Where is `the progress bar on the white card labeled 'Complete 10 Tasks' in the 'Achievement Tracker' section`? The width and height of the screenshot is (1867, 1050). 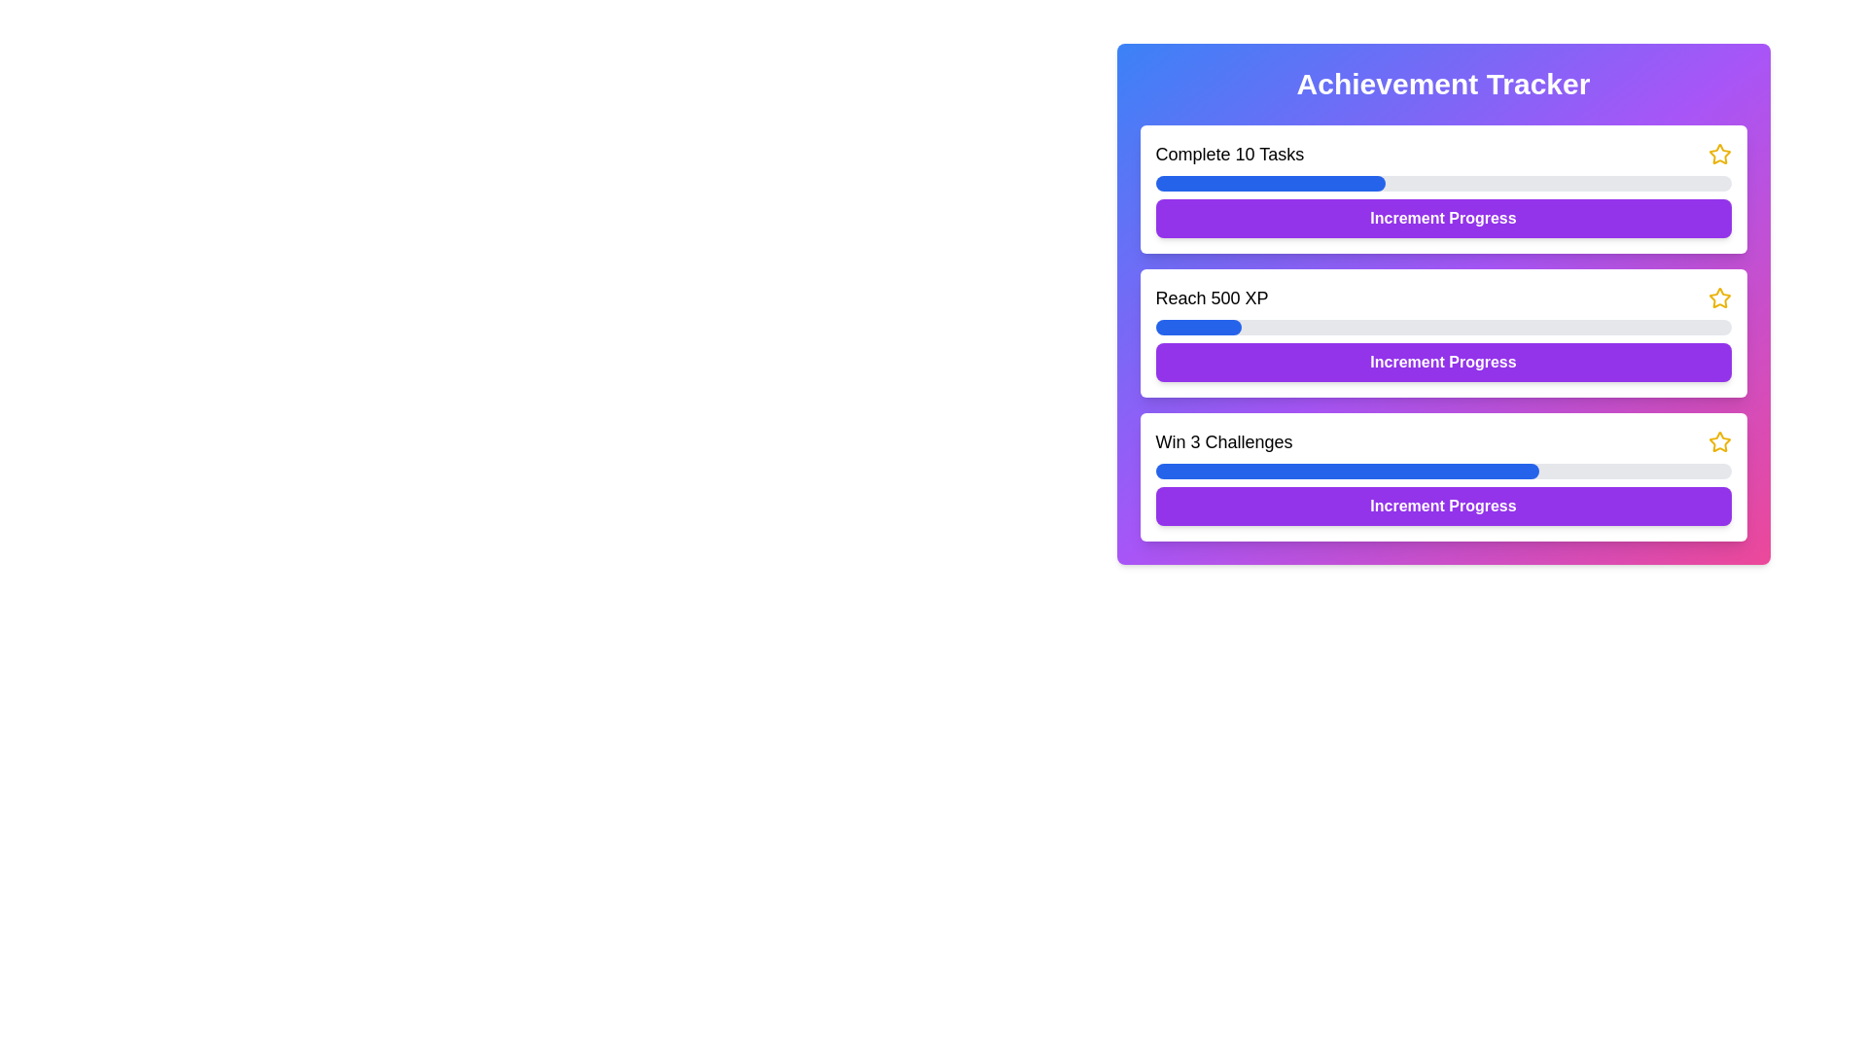 the progress bar on the white card labeled 'Complete 10 Tasks' in the 'Achievement Tracker' section is located at coordinates (1443, 190).